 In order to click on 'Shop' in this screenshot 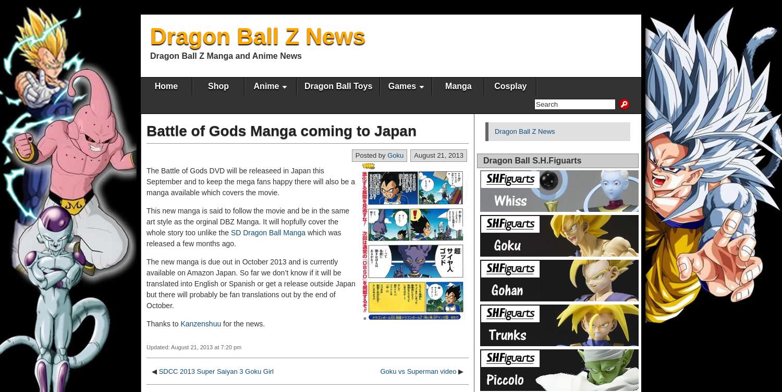, I will do `click(208, 85)`.